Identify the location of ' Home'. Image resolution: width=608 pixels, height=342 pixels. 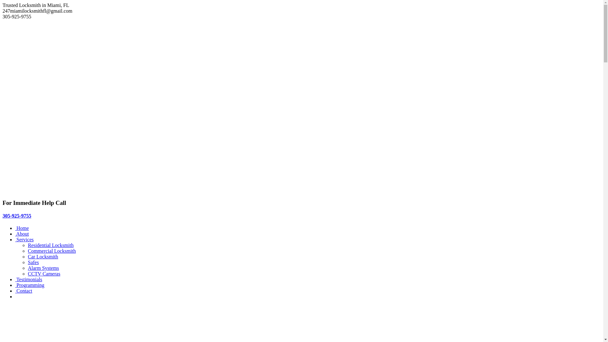
(22, 228).